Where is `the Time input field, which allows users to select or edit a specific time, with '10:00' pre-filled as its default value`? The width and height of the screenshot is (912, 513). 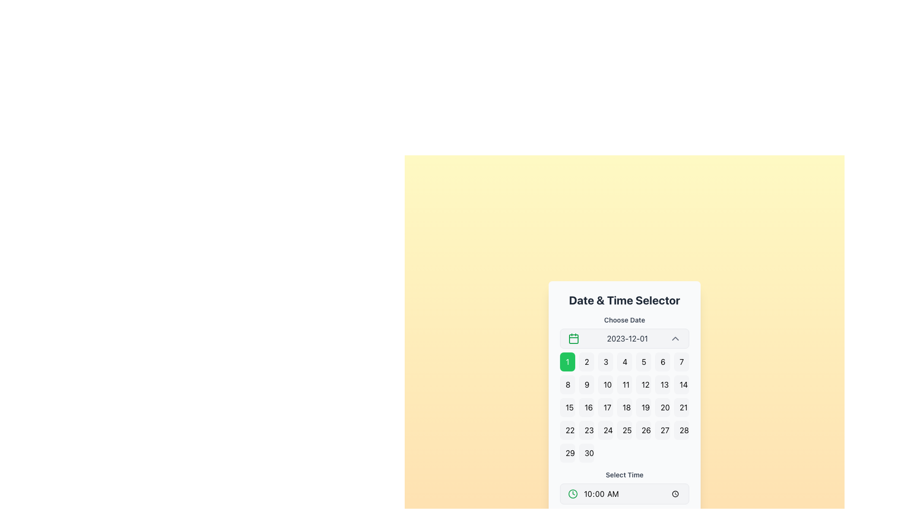 the Time input field, which allows users to select or edit a specific time, with '10:00' pre-filled as its default value is located at coordinates (632, 494).